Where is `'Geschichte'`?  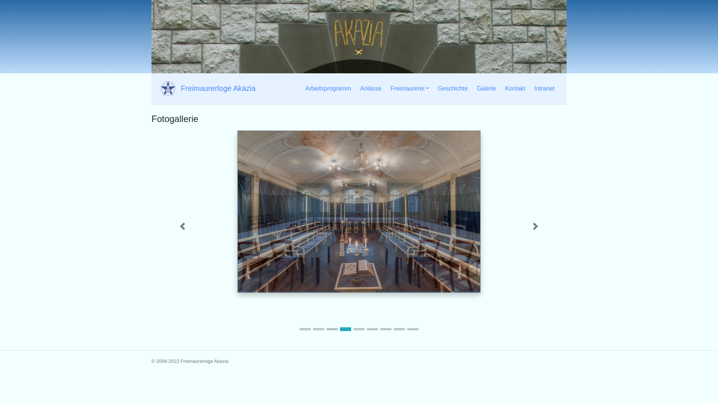 'Geschichte' is located at coordinates (452, 88).